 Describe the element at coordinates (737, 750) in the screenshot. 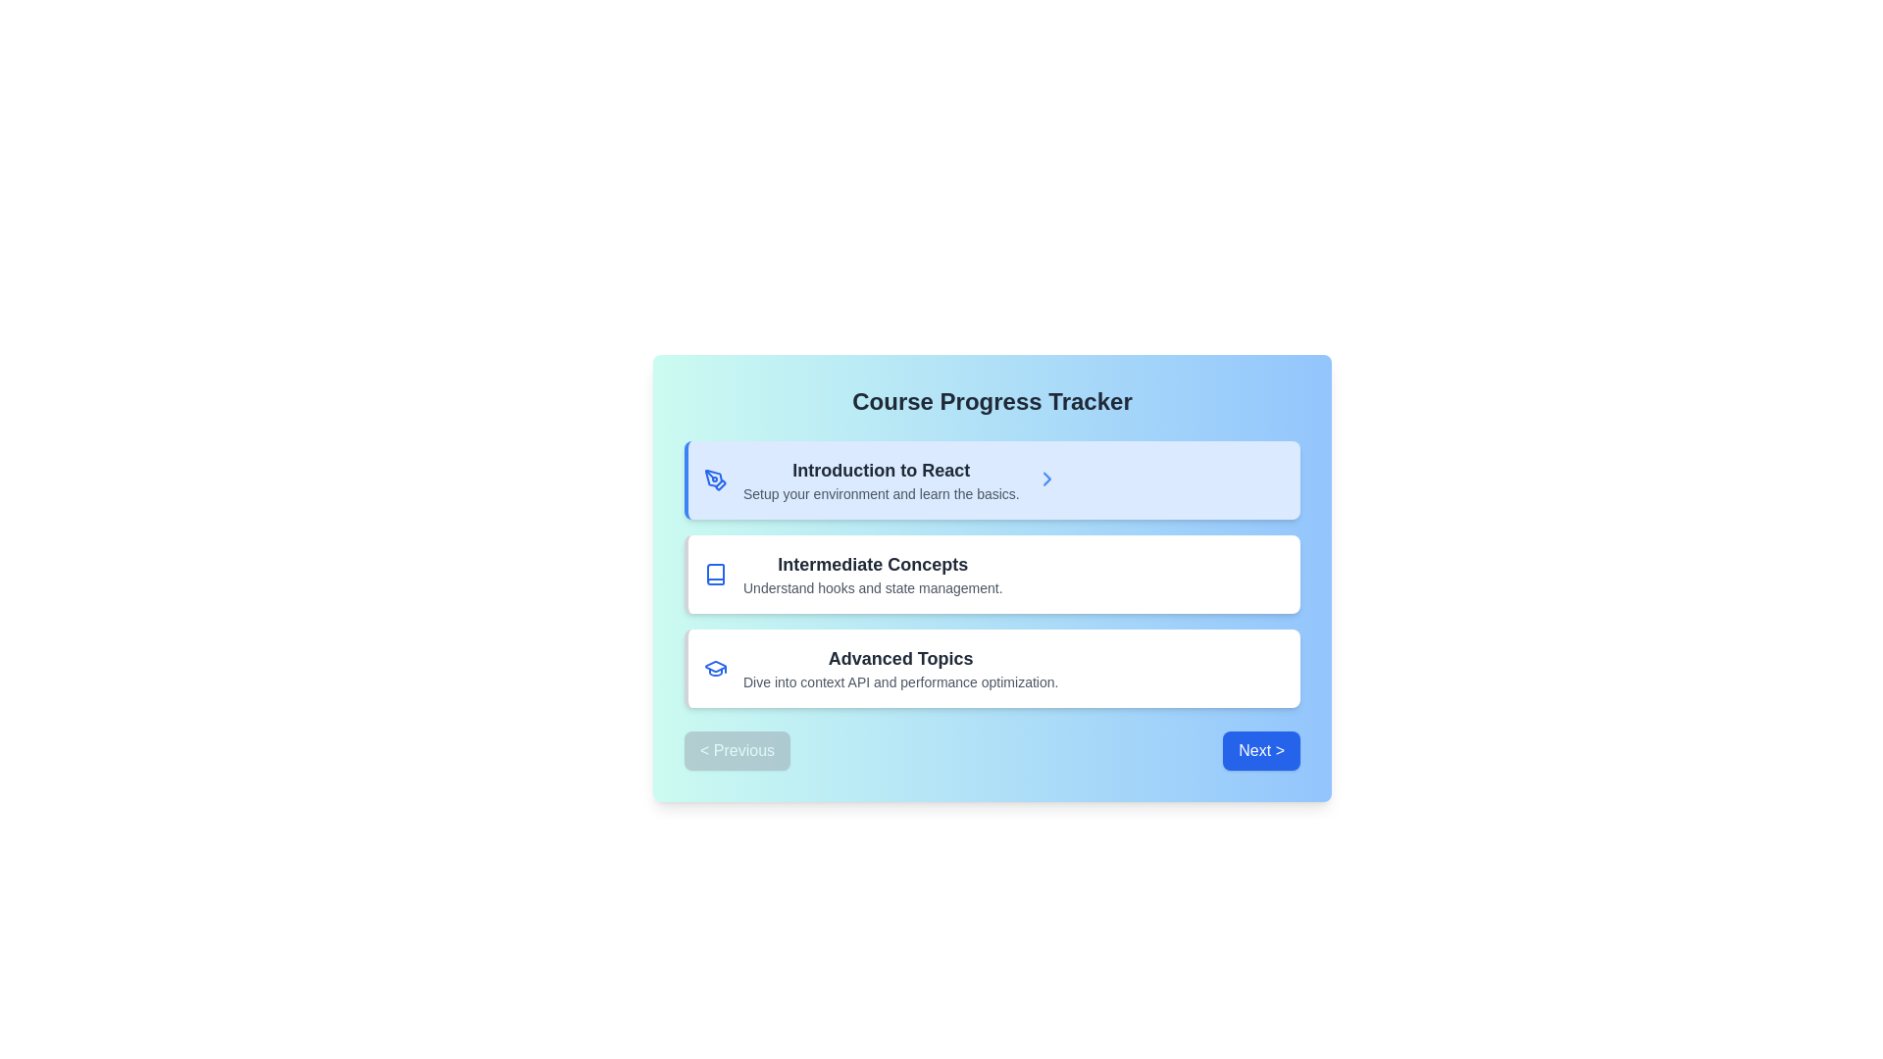

I see `the button with rounded edges and gray background labeled '< Previous'` at that location.